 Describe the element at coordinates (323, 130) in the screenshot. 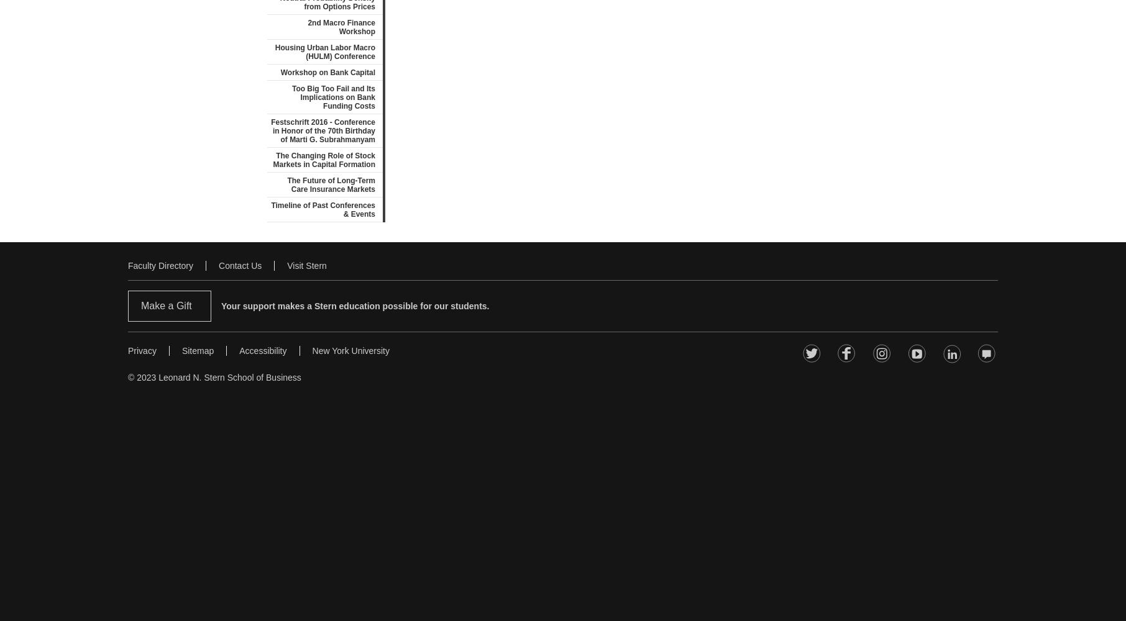

I see `'Festschrift 2016 - Conference in Honor of the 70th Birthday of Marti G. Subrahmanyam'` at that location.